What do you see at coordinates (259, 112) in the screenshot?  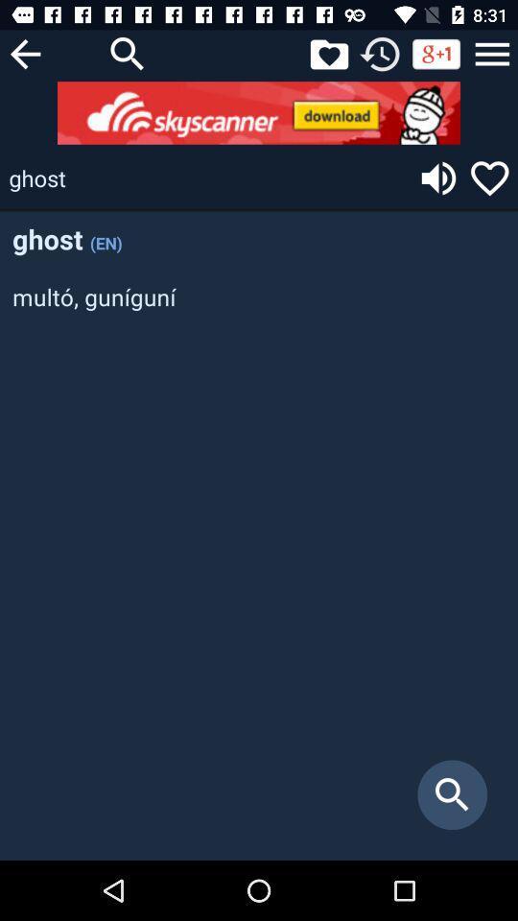 I see `click advertisement` at bounding box center [259, 112].